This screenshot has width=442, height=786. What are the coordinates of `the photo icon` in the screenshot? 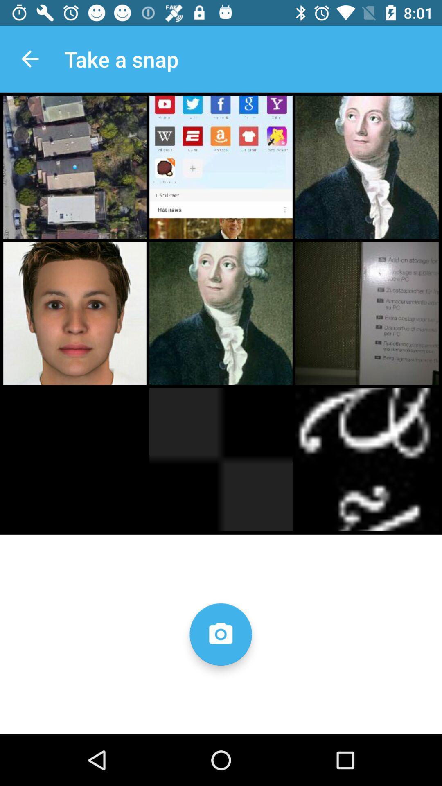 It's located at (220, 634).